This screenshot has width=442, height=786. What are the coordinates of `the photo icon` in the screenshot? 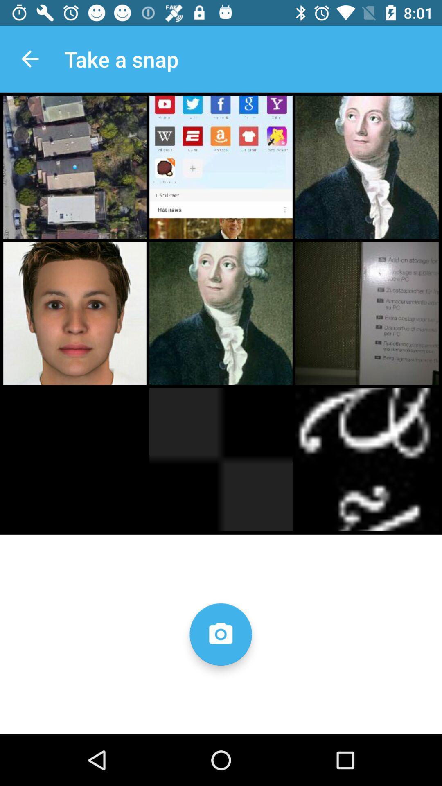 It's located at (220, 634).